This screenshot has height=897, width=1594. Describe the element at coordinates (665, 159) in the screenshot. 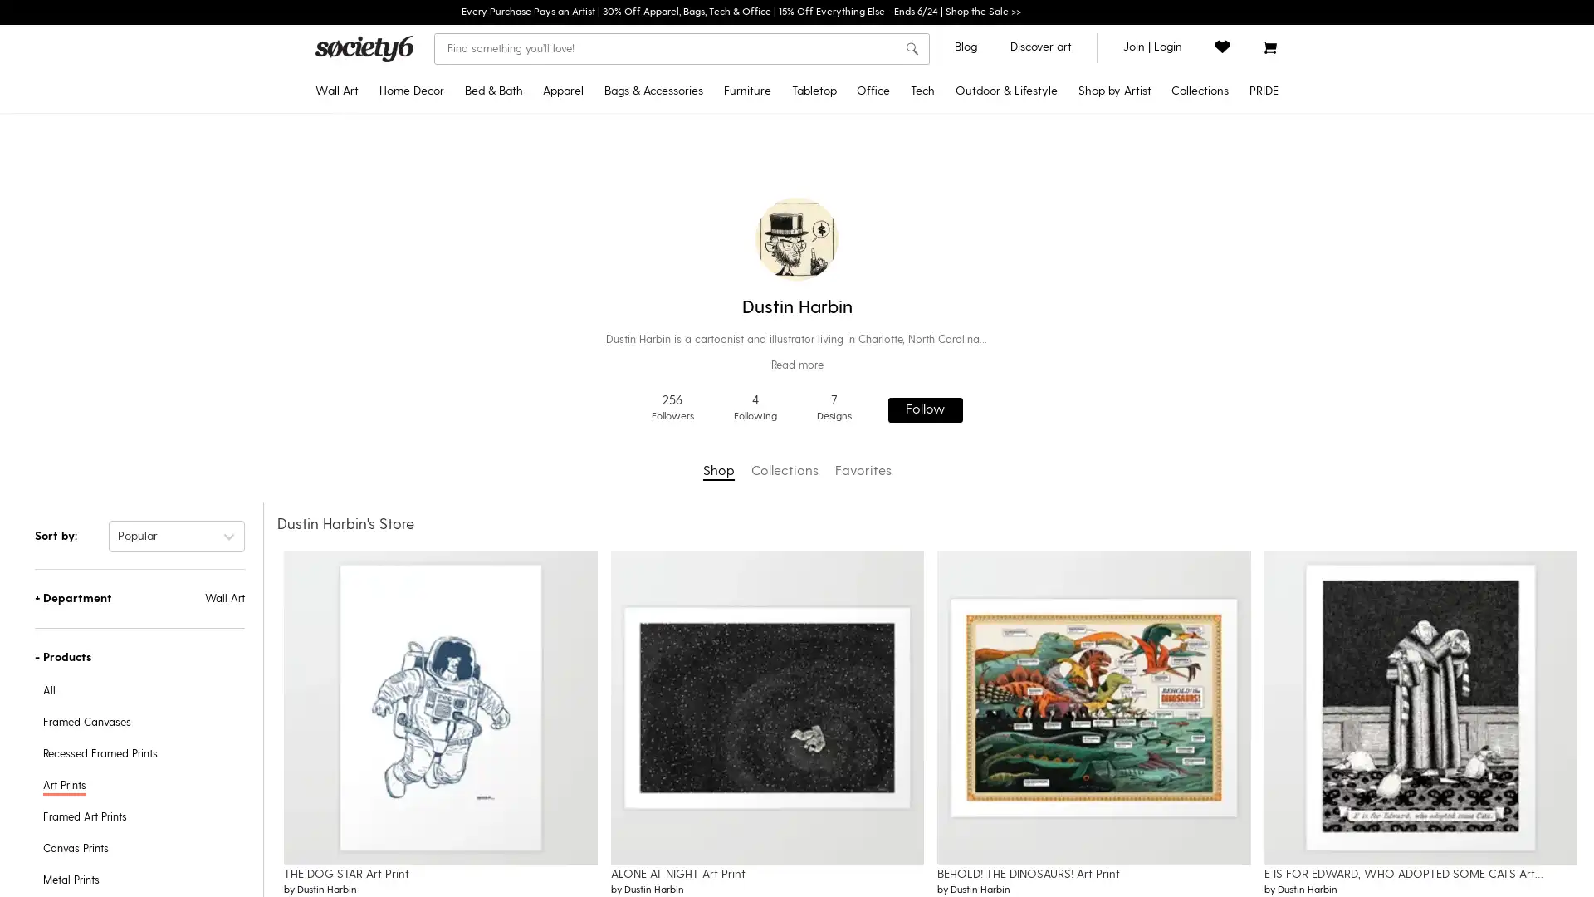

I see `Carry-All Pouches` at that location.